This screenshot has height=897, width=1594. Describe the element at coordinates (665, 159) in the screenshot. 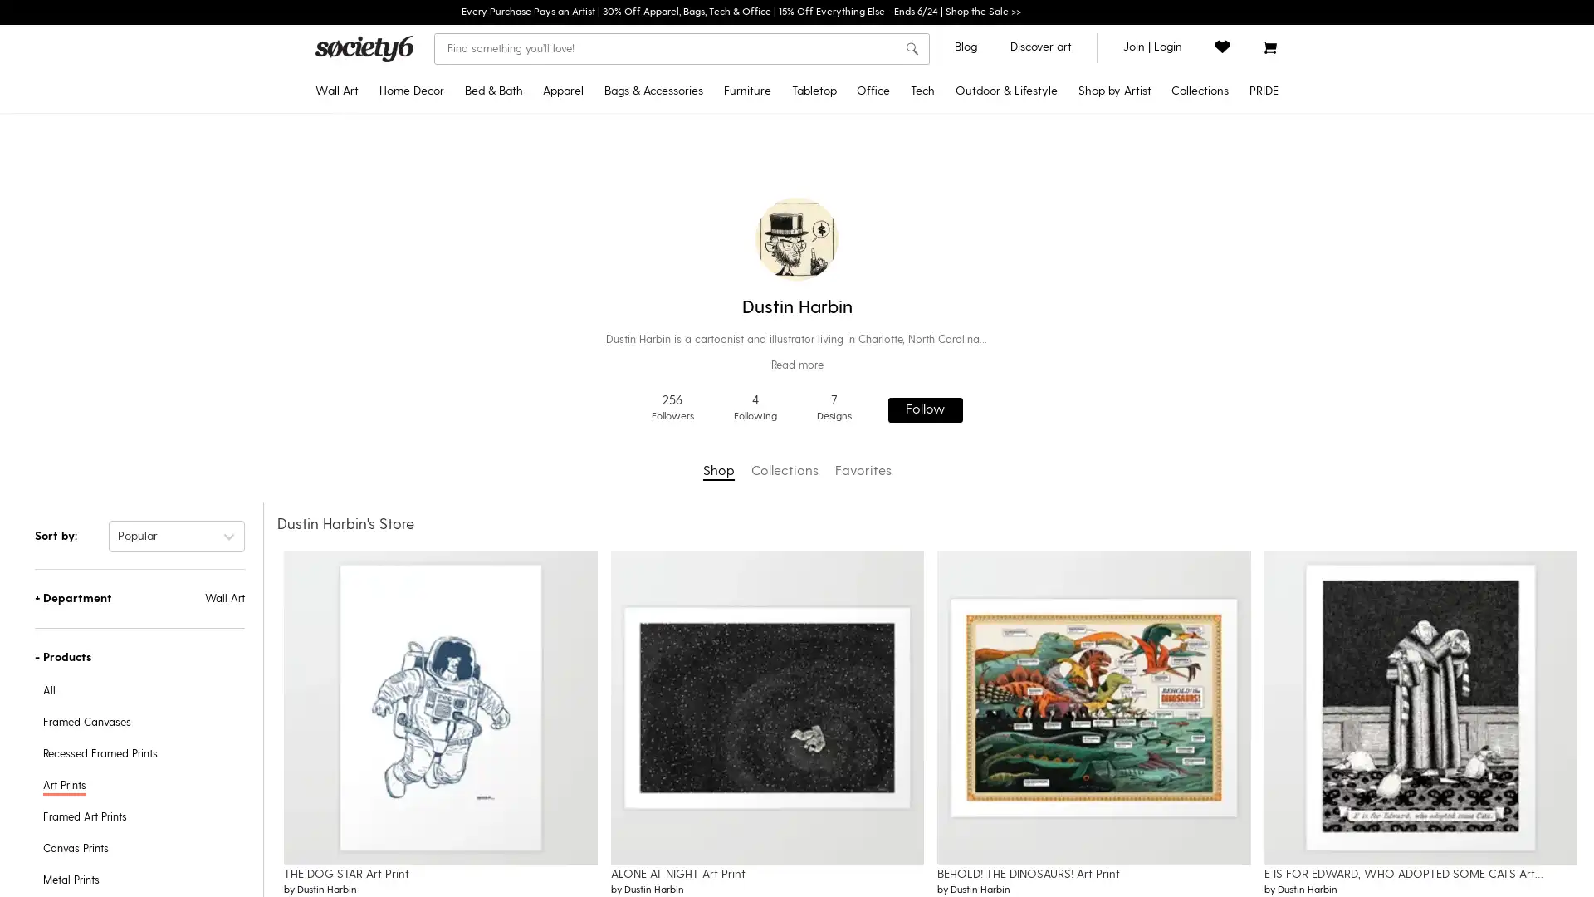

I see `Carry-All Pouches` at that location.